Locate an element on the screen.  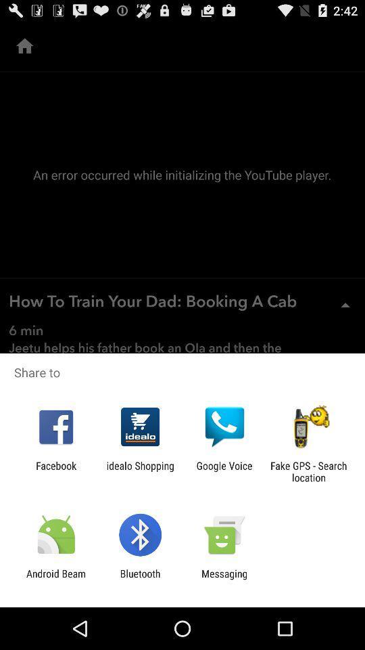
the messaging app is located at coordinates (224, 579).